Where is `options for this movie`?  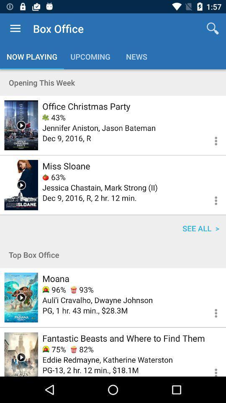 options for this movie is located at coordinates (211, 311).